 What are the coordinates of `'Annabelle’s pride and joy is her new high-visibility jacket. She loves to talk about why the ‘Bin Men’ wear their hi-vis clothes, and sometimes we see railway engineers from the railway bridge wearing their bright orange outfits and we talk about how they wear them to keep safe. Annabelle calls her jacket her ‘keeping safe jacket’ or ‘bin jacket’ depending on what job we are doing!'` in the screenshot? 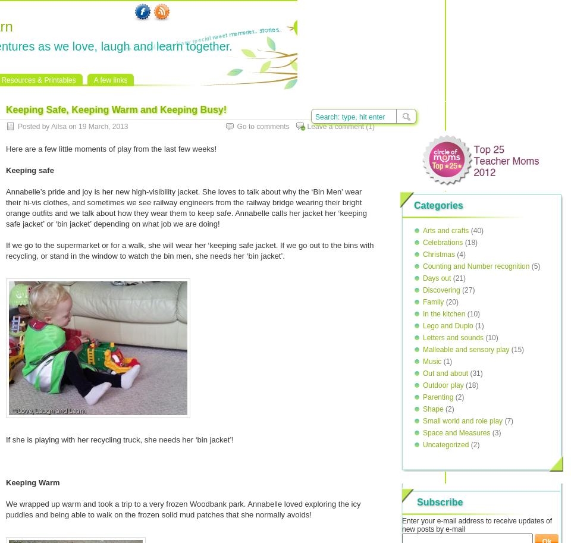 It's located at (186, 208).